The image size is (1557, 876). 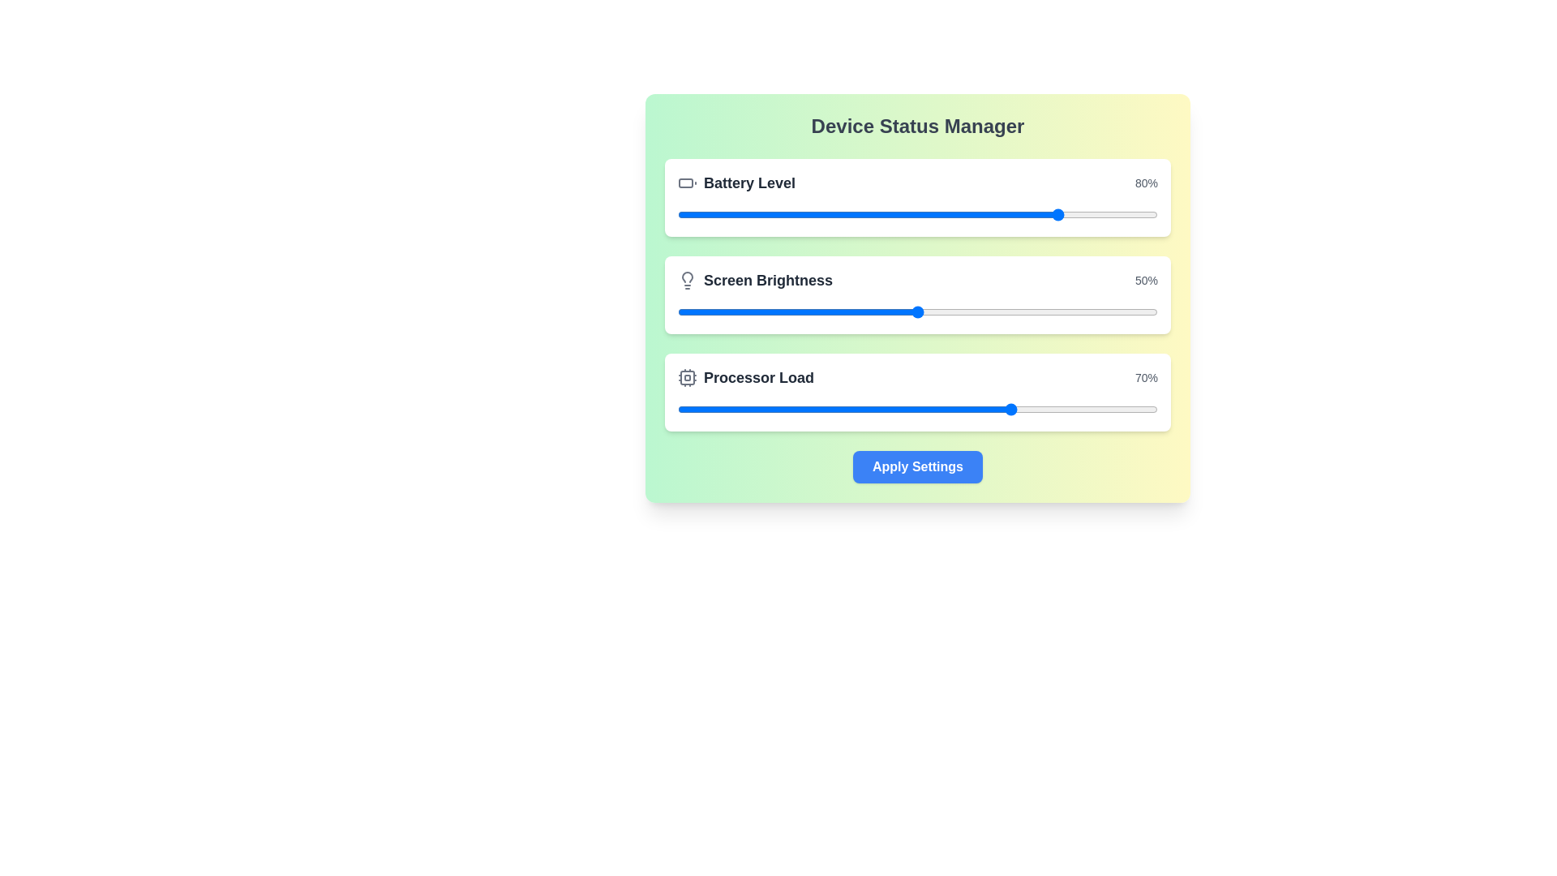 I want to click on Processor Load, so click(x=1076, y=409).